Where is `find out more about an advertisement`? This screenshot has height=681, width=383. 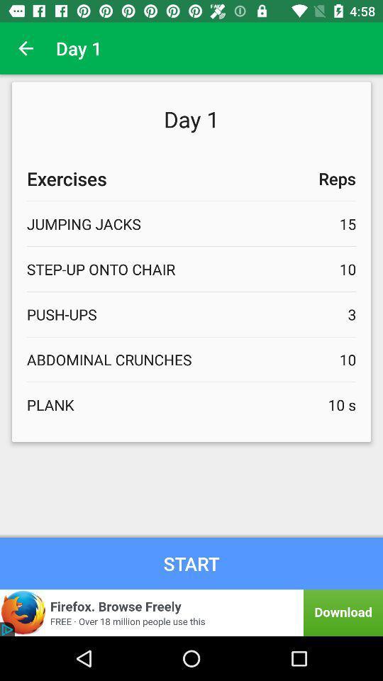
find out more about an advertisement is located at coordinates (191, 612).